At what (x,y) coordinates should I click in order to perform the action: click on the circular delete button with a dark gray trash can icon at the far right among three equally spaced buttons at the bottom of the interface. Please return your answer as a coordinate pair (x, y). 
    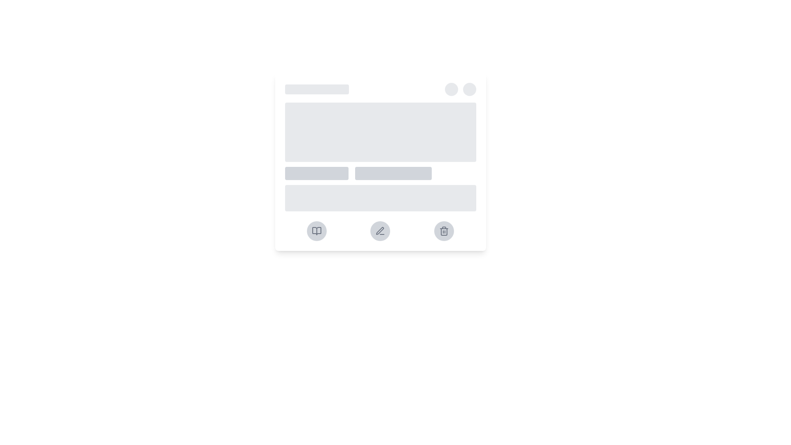
    Looking at the image, I should click on (444, 231).